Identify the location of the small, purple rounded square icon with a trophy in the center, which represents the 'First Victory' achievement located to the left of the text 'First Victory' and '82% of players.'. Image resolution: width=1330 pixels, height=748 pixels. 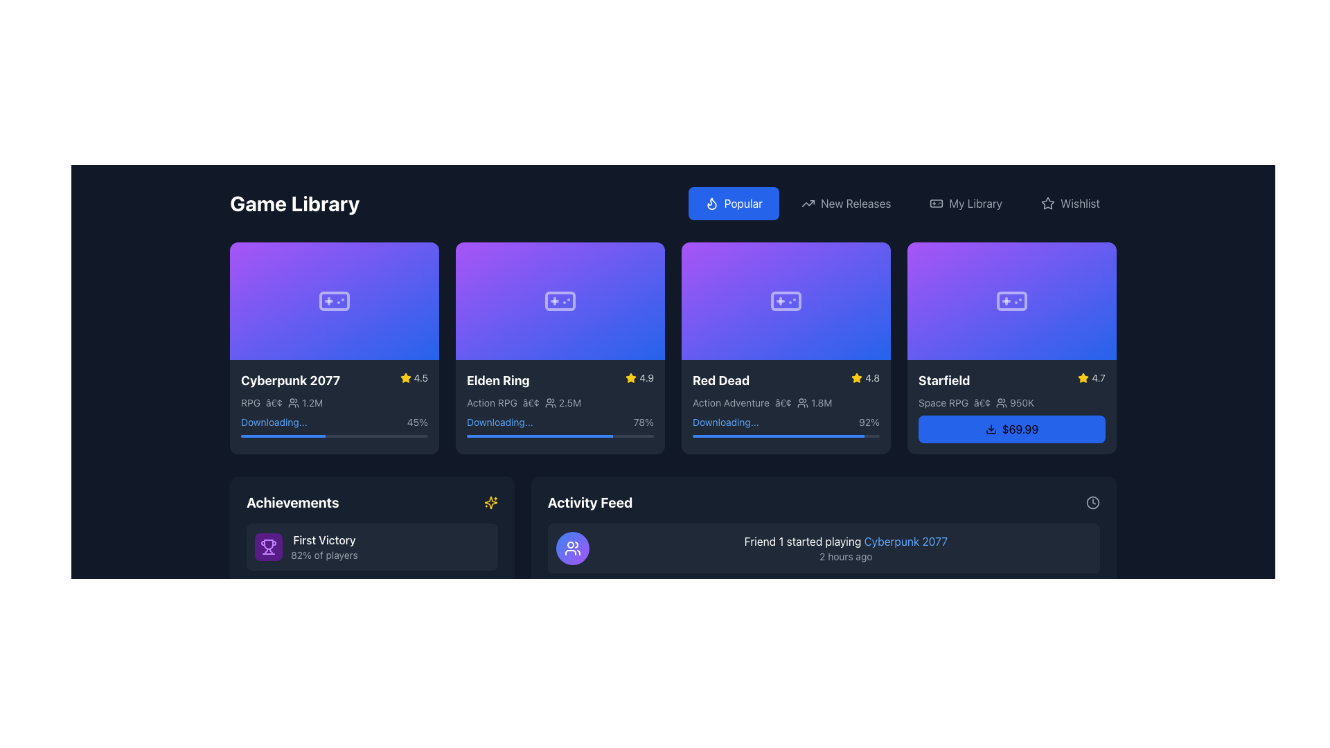
(269, 546).